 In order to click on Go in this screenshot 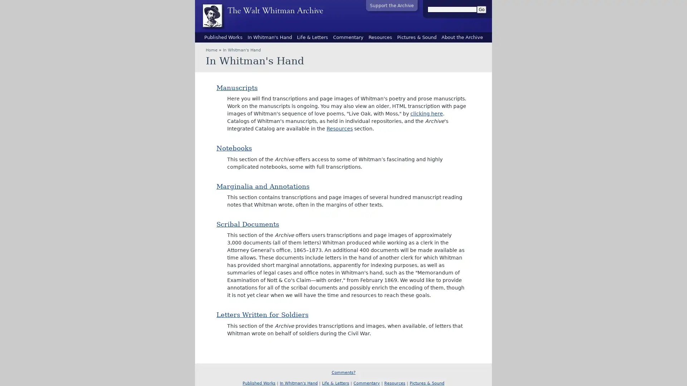, I will do `click(481, 10)`.